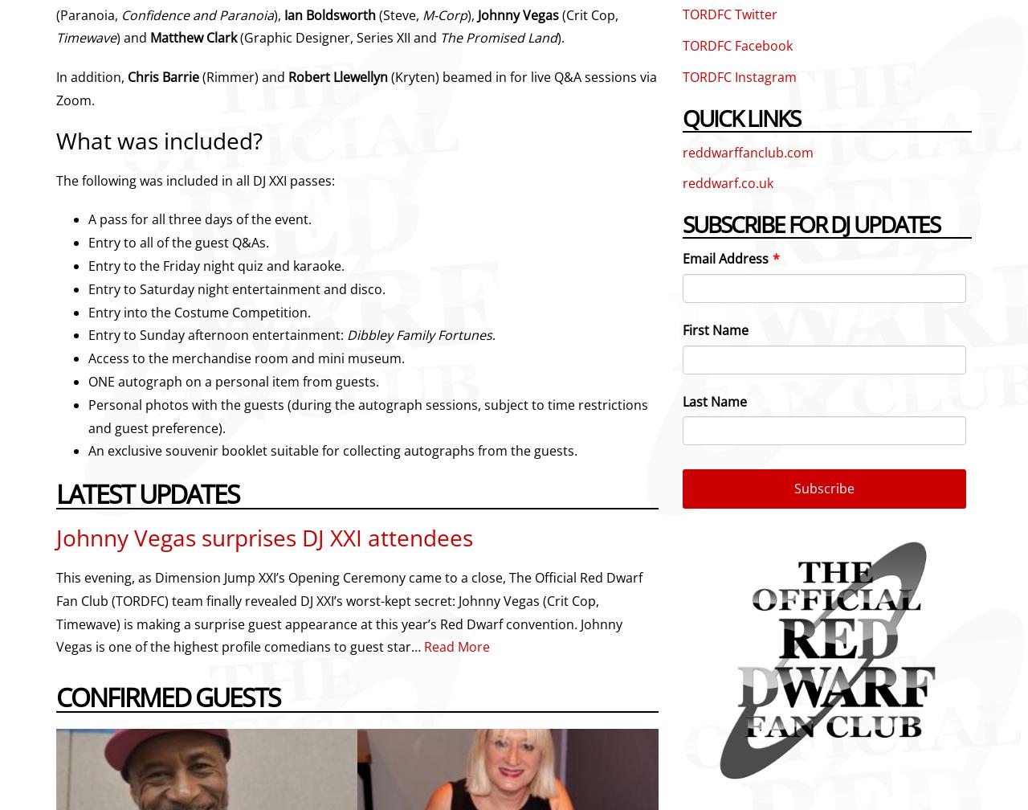  What do you see at coordinates (419, 335) in the screenshot?
I see `'Dibbley Family Fortunes'` at bounding box center [419, 335].